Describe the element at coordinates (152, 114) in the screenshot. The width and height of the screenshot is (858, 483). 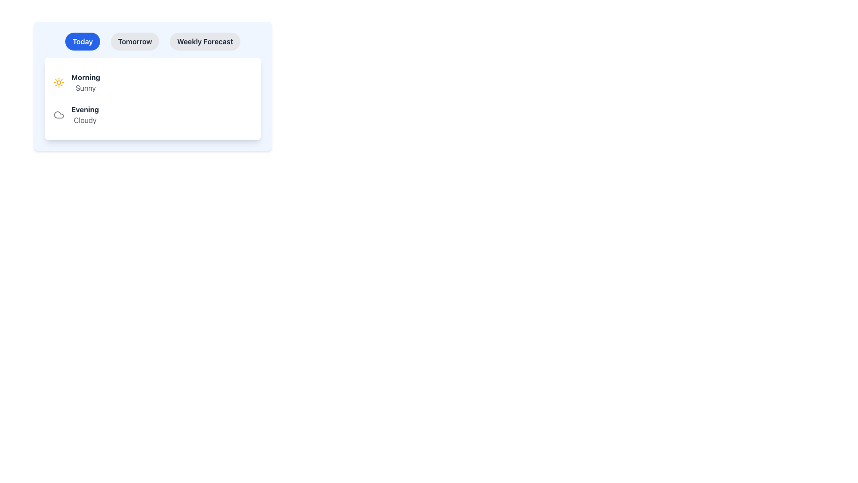
I see `the second list item that conveys evening weather information indicating it's cloudy` at that location.